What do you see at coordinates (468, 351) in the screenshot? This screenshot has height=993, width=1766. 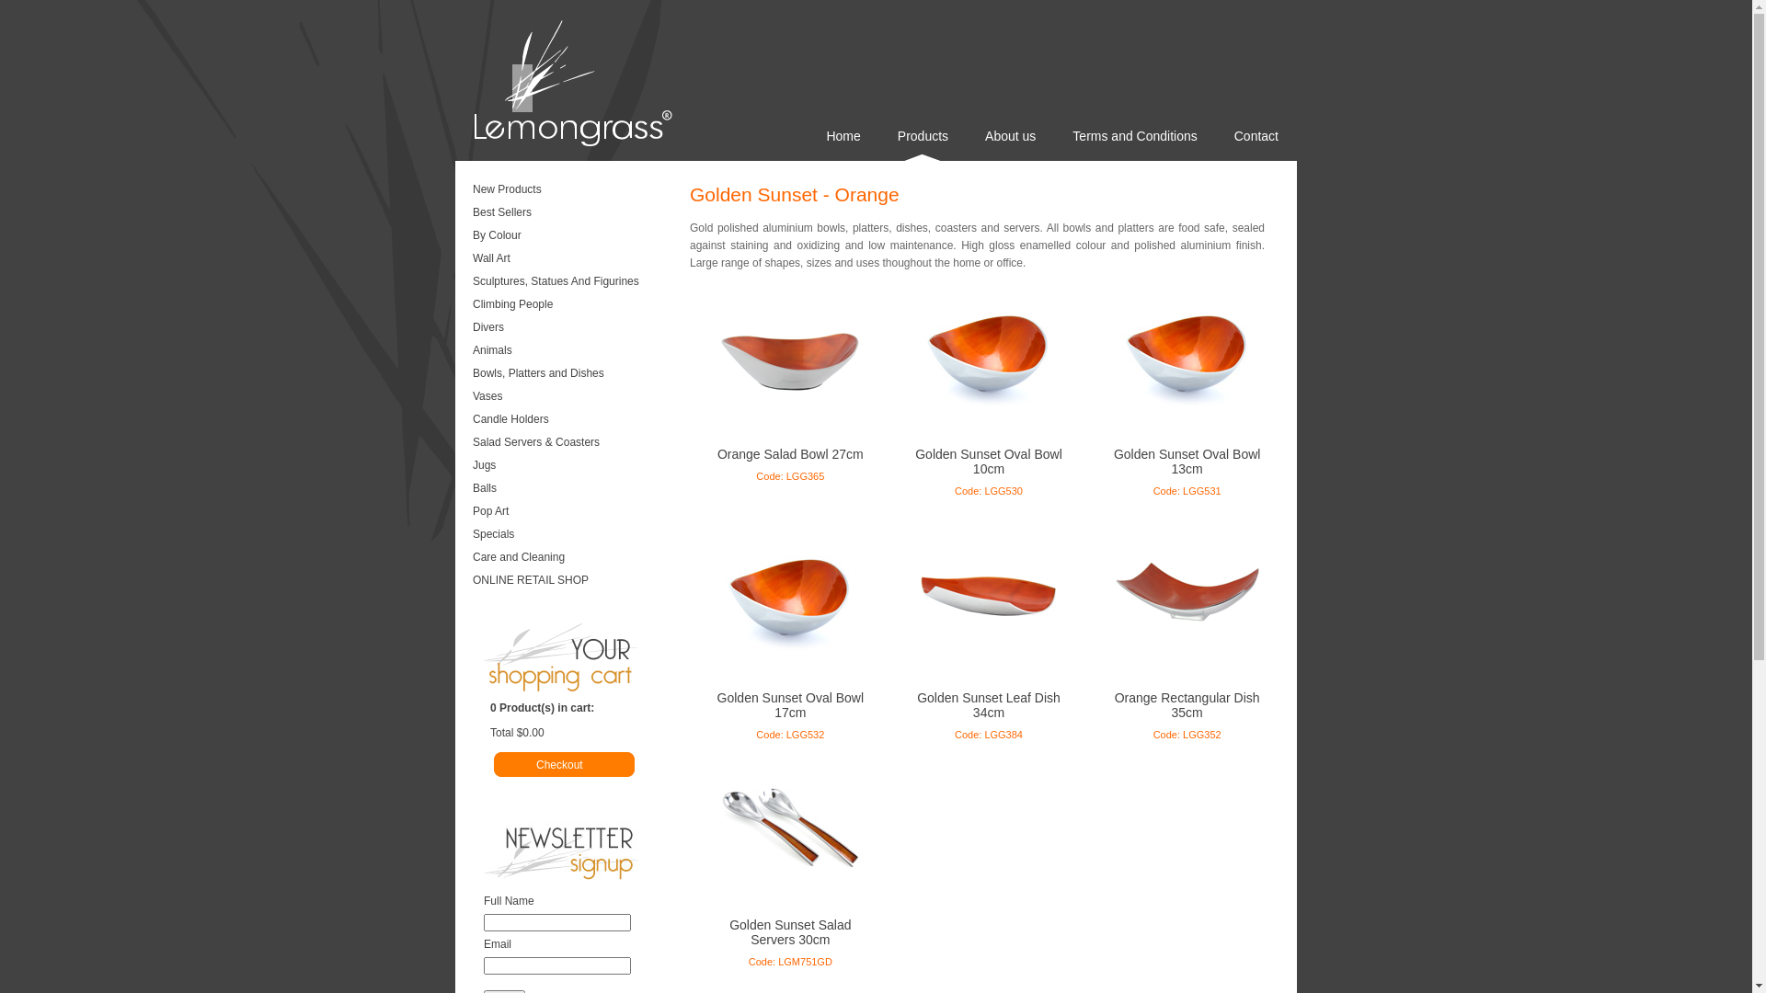 I see `'Animals'` at bounding box center [468, 351].